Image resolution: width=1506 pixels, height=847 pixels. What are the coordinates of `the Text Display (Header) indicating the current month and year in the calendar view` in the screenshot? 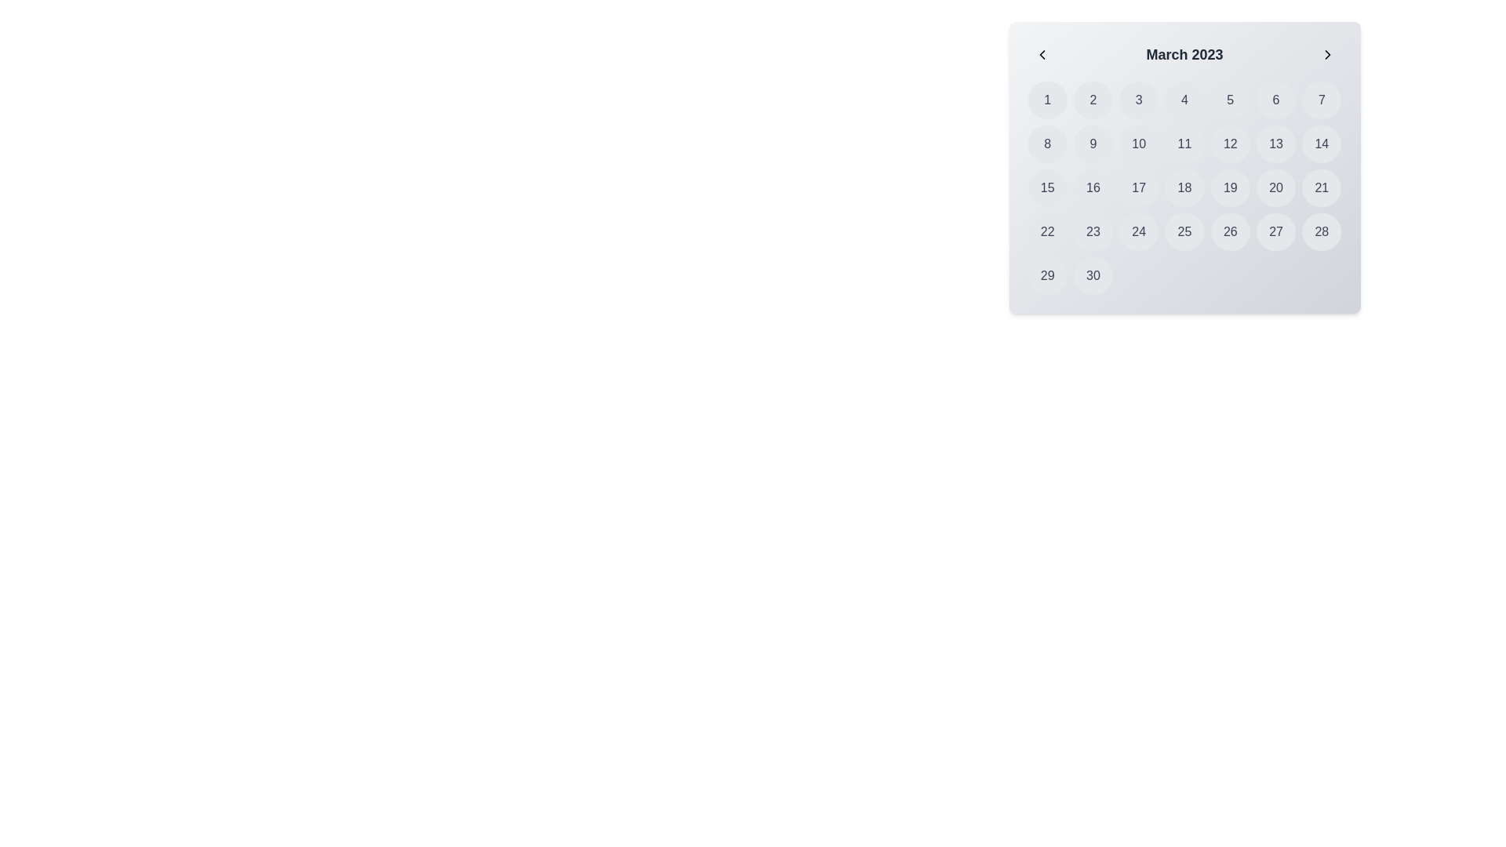 It's located at (1184, 53).